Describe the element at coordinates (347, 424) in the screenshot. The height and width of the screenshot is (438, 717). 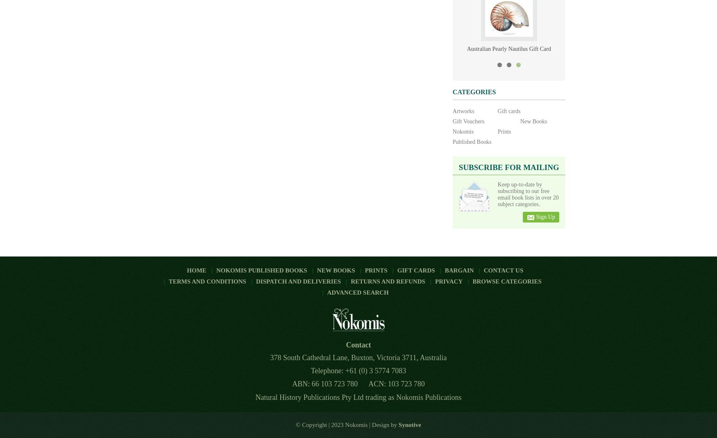
I see `'© Copyright | 2023 Nokomis			 | Design by'` at that location.